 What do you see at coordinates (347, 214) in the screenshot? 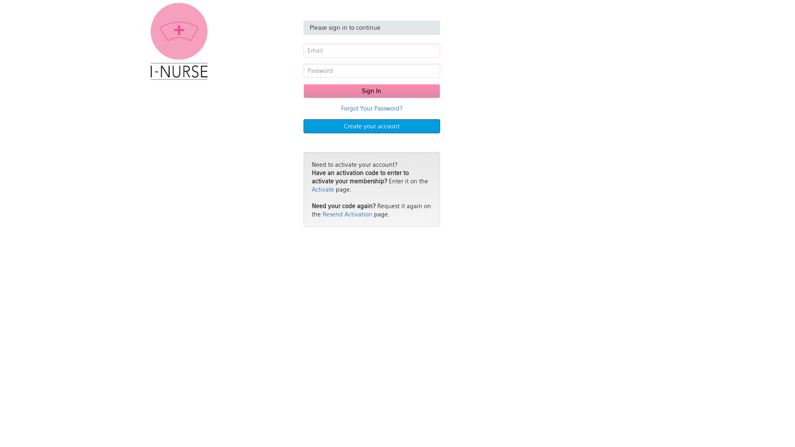
I see `'Resend Activation'` at bounding box center [347, 214].